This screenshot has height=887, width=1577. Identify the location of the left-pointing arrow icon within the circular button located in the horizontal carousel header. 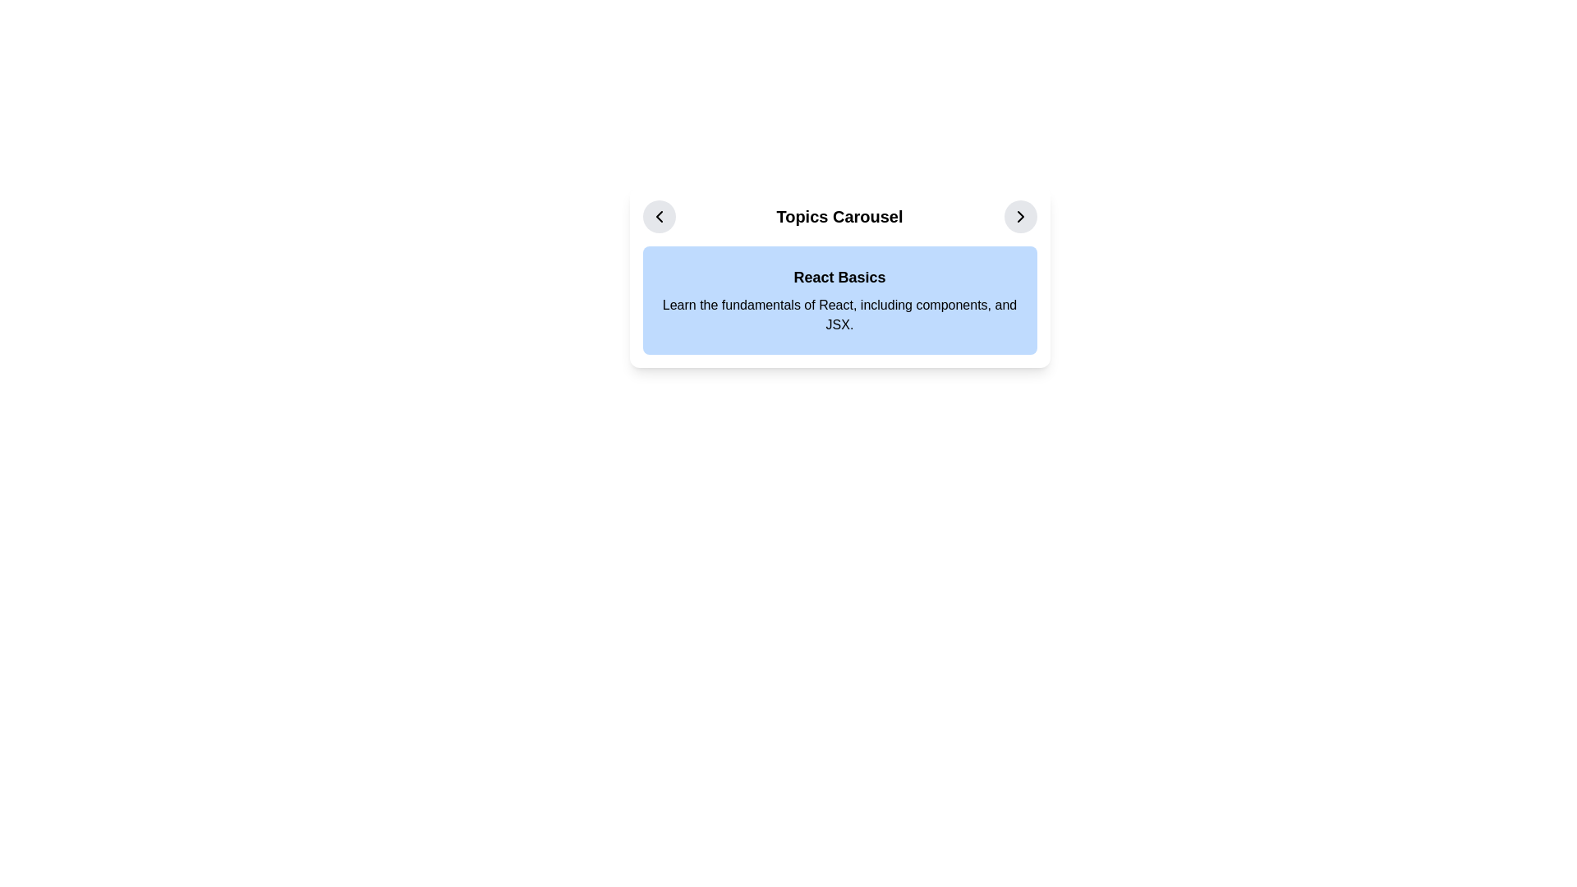
(659, 215).